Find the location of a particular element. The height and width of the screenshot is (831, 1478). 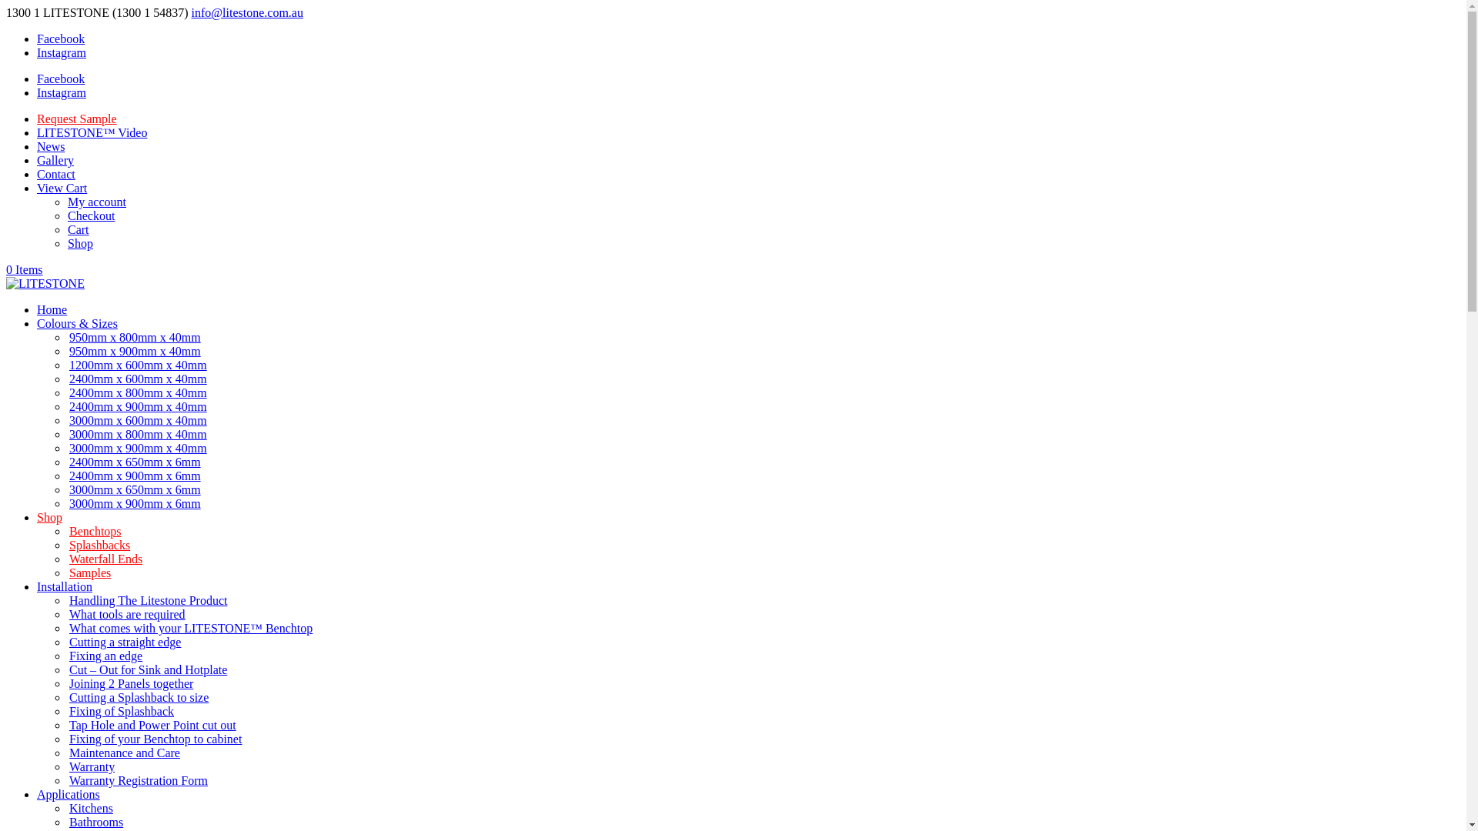

'2400mm x 900mm x 6mm' is located at coordinates (135, 475).